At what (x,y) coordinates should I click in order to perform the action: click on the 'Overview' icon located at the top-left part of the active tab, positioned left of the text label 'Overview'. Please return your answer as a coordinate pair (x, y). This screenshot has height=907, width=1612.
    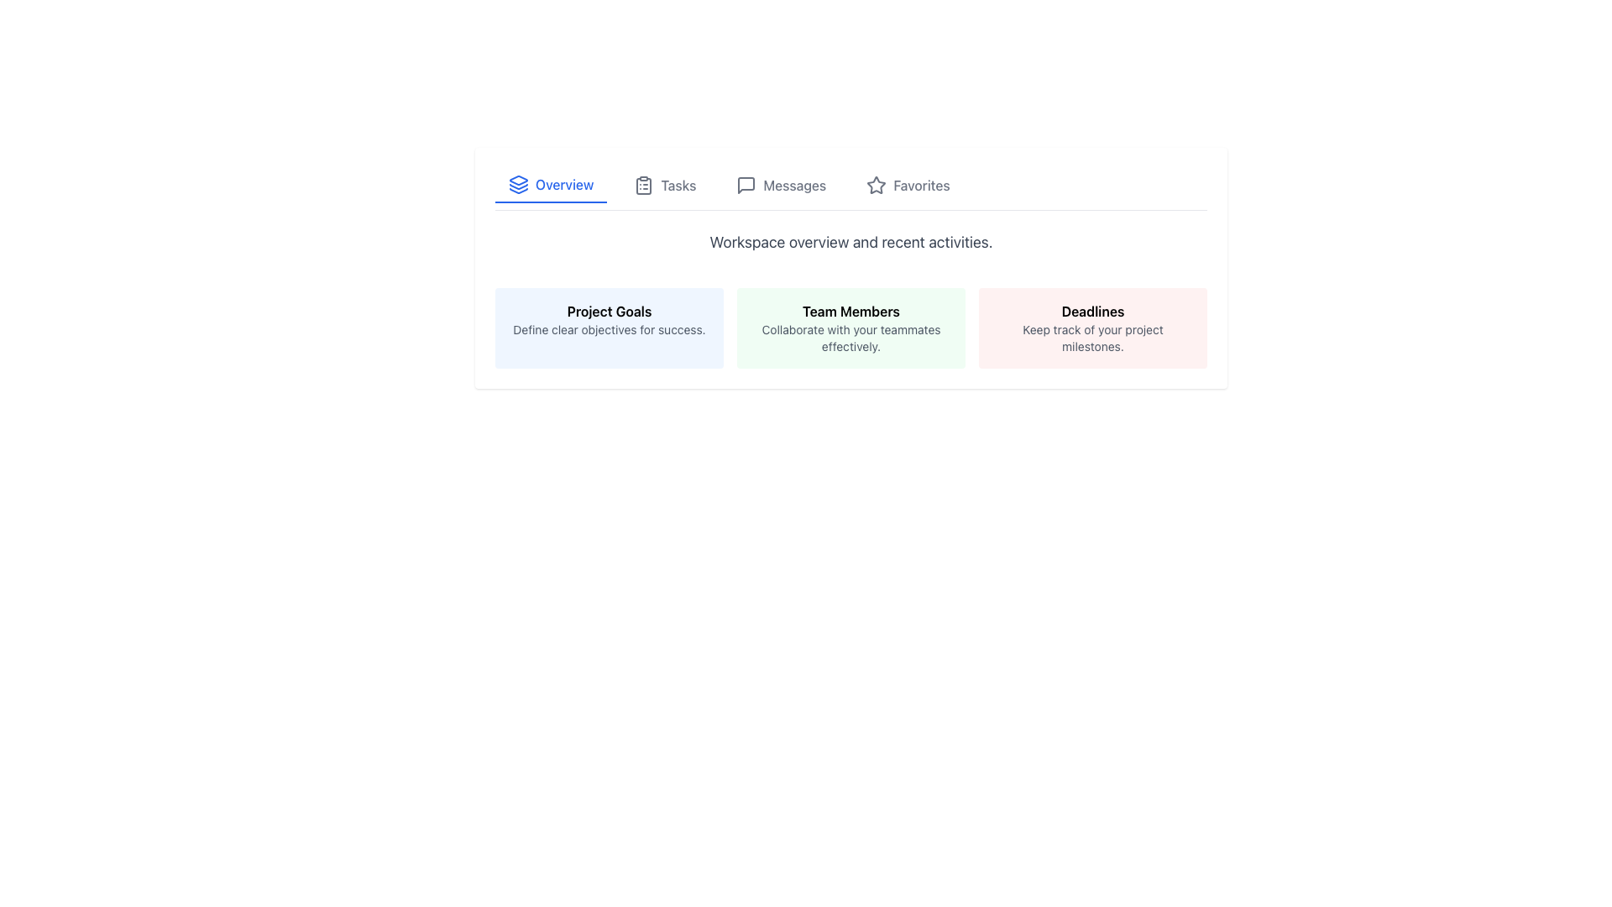
    Looking at the image, I should click on (518, 184).